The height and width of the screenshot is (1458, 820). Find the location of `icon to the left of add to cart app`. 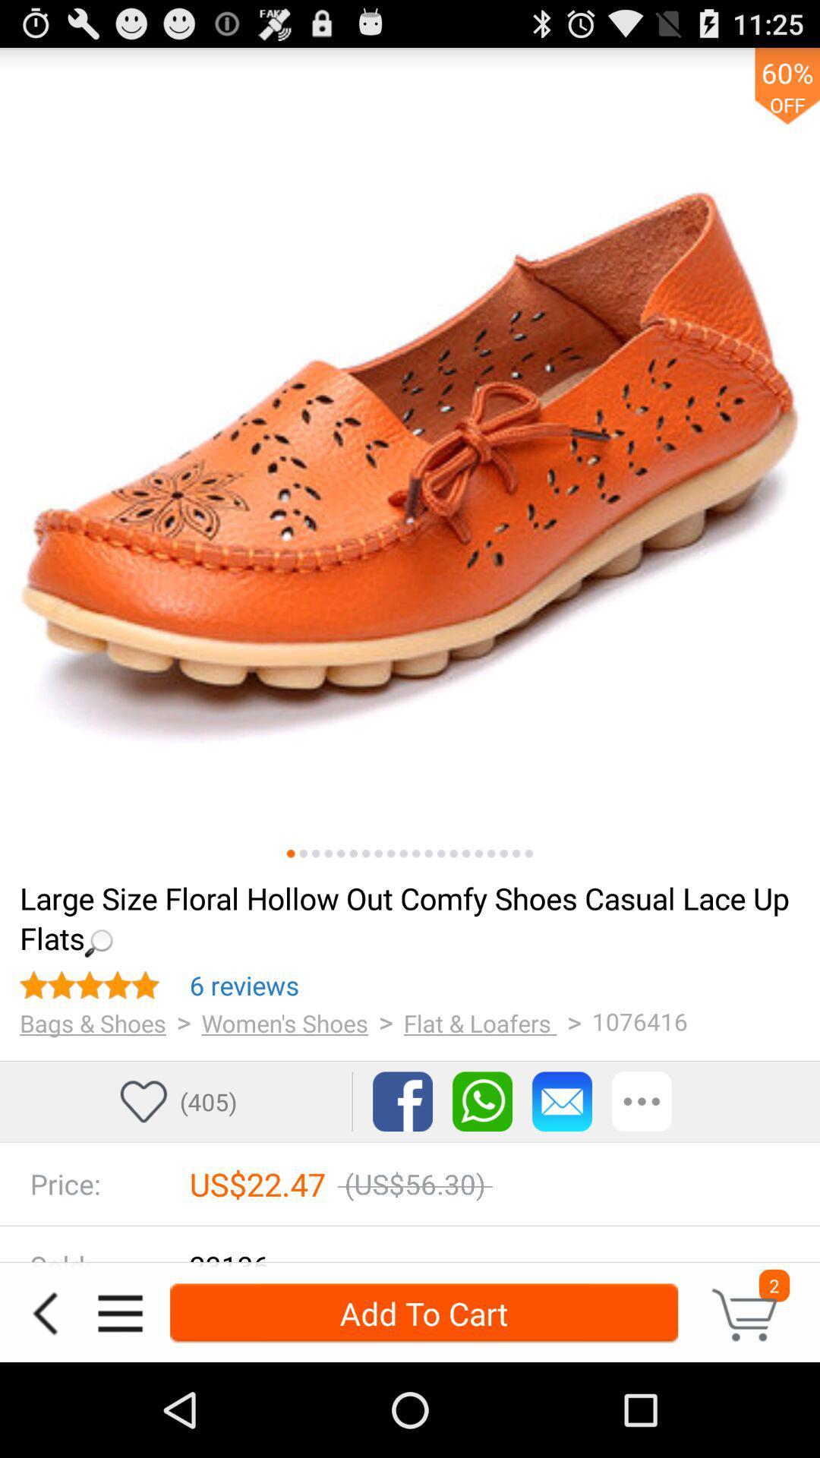

icon to the left of add to cart app is located at coordinates (119, 1312).